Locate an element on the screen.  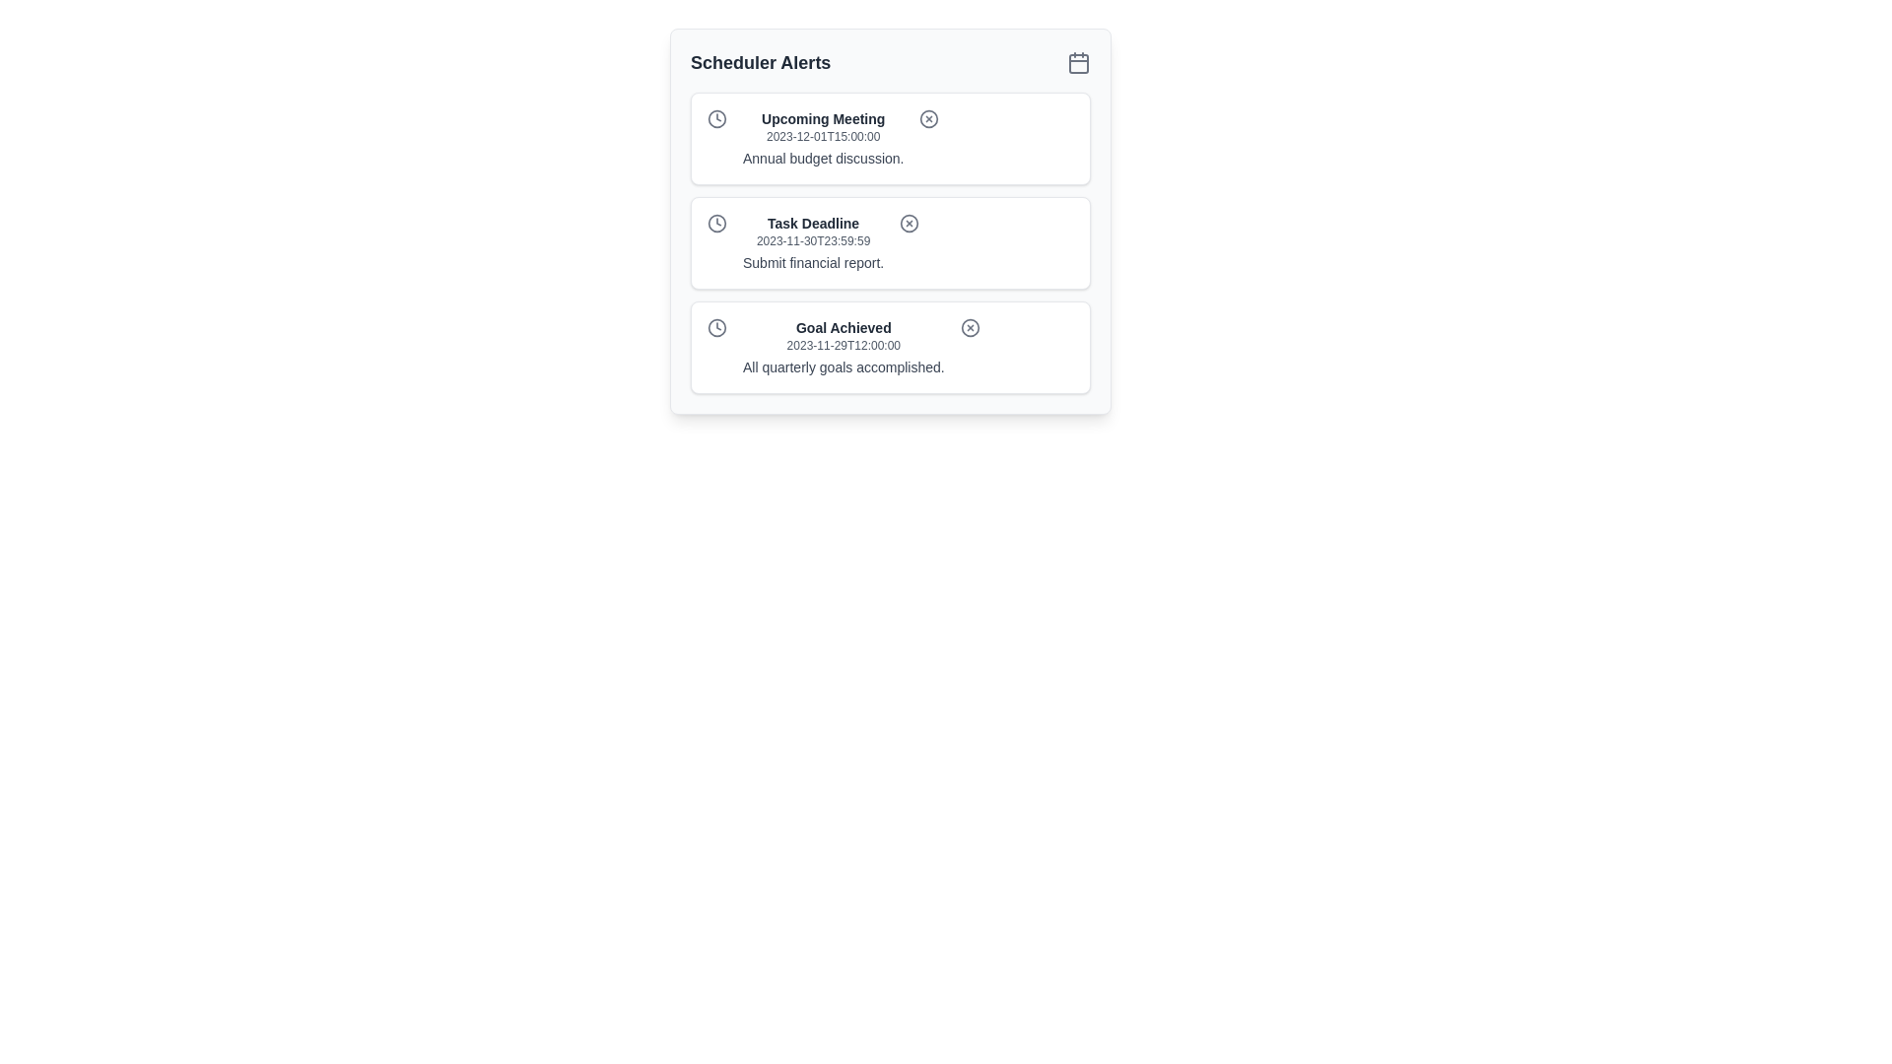
the time icon located in the 'Scheduler Alerts' section, to the left of the 'Upcoming Meeting' text is located at coordinates (716, 118).